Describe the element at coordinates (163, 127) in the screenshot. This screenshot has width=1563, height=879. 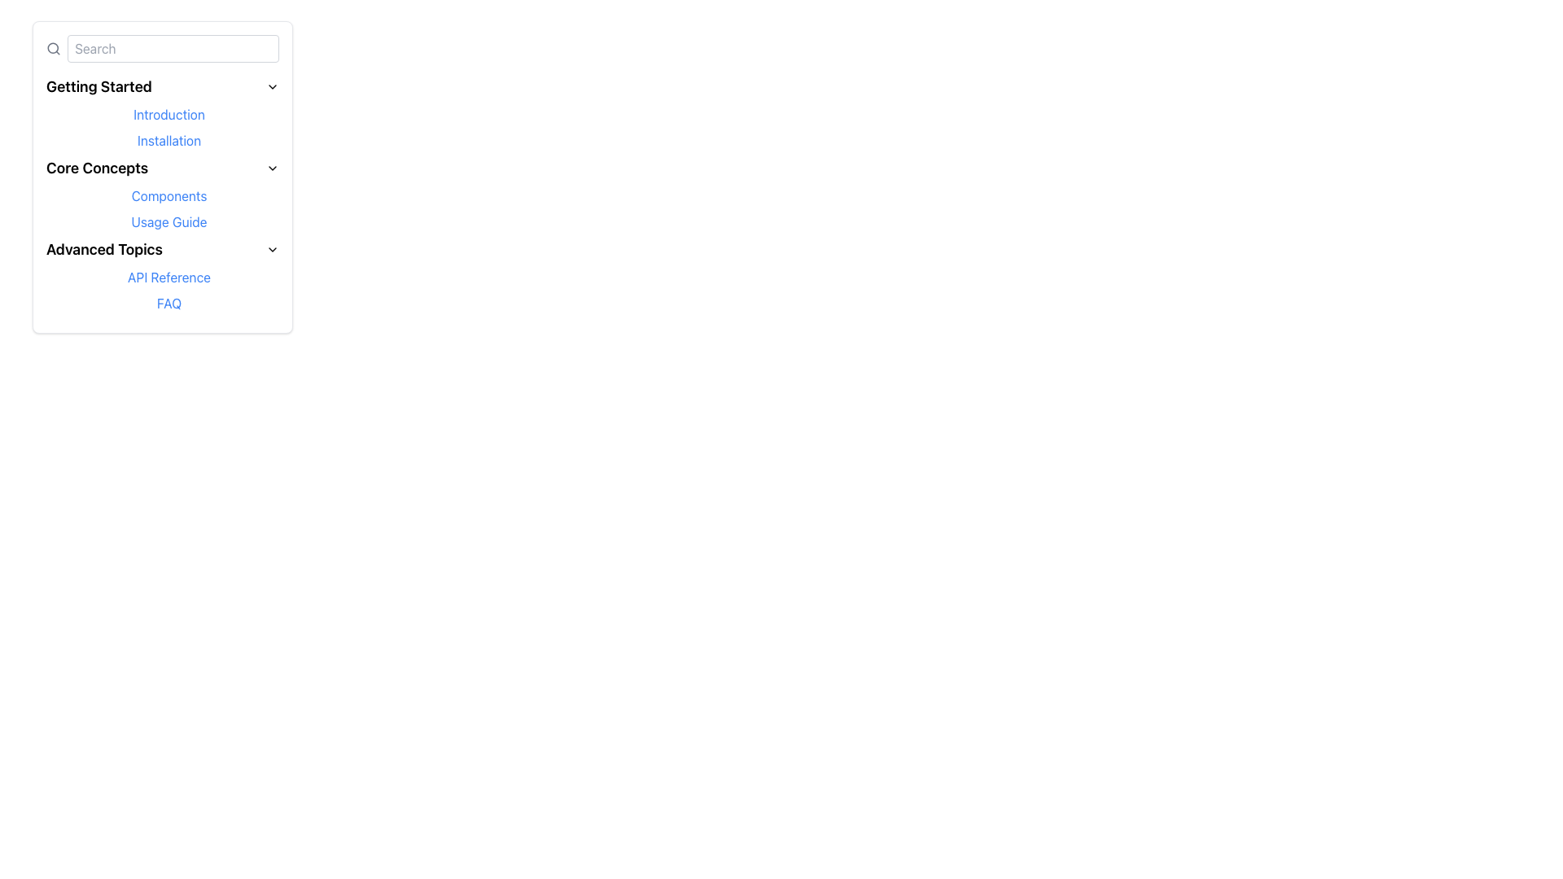
I see `the navigational links labeled 'Introduction' and 'Installation' in the side navigation menu` at that location.